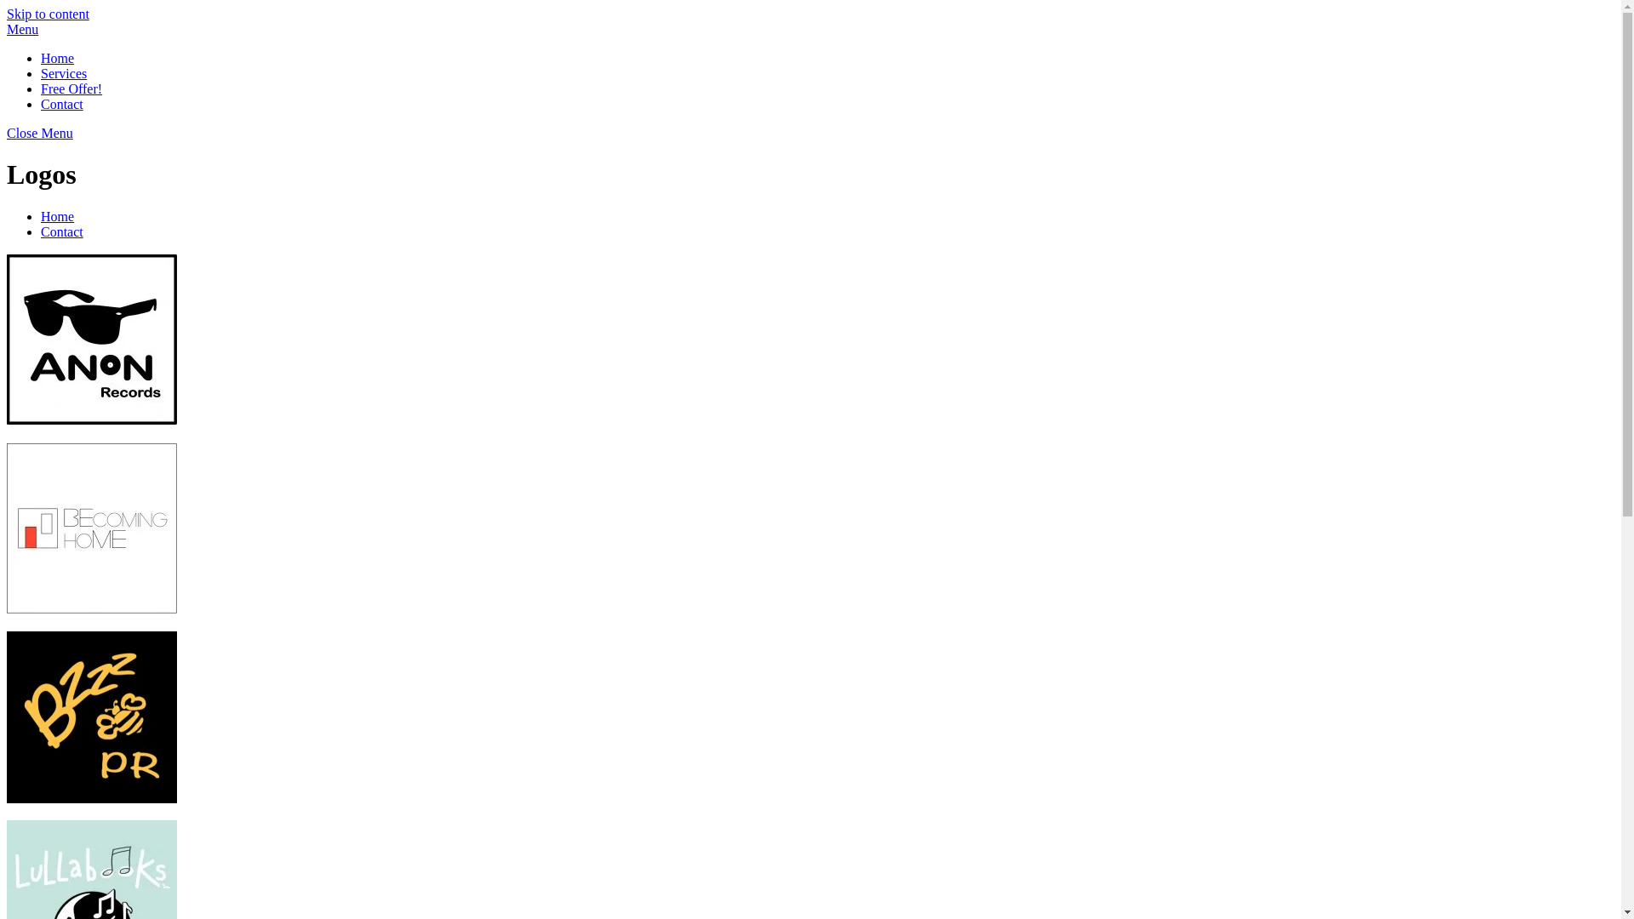 The image size is (1634, 919). Describe the element at coordinates (61, 104) in the screenshot. I see `'Contact'` at that location.